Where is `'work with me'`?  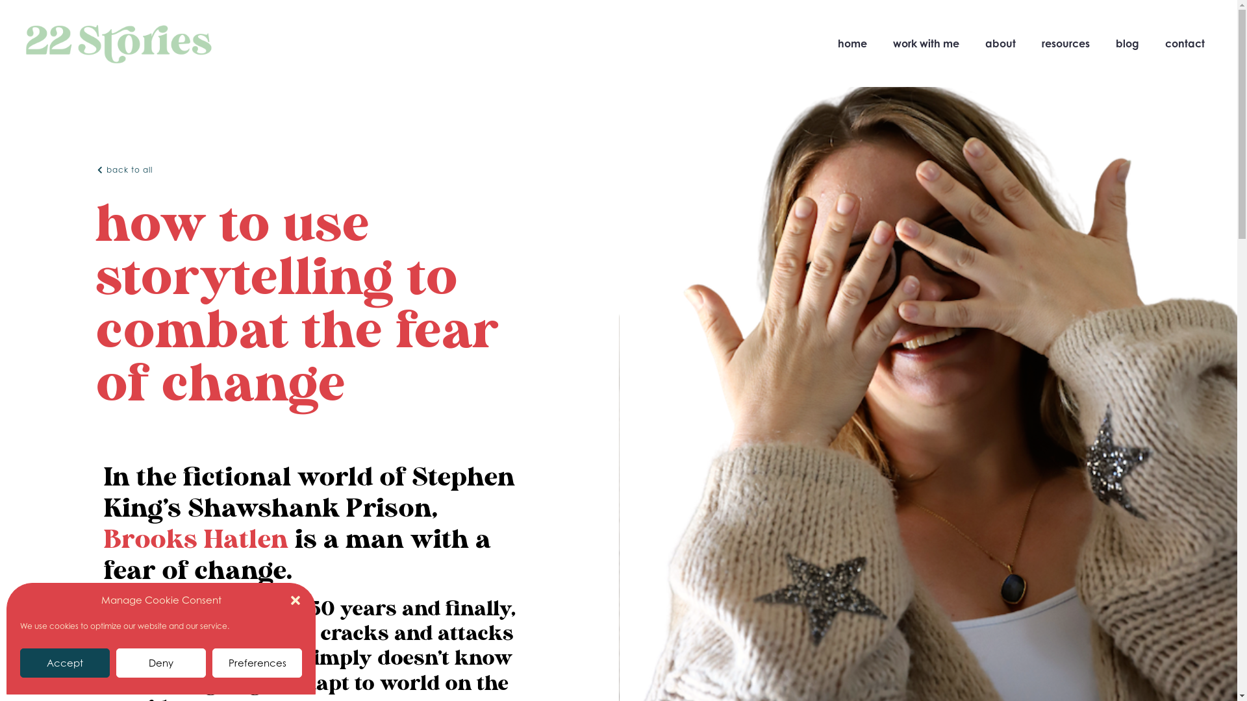
'work with me' is located at coordinates (925, 42).